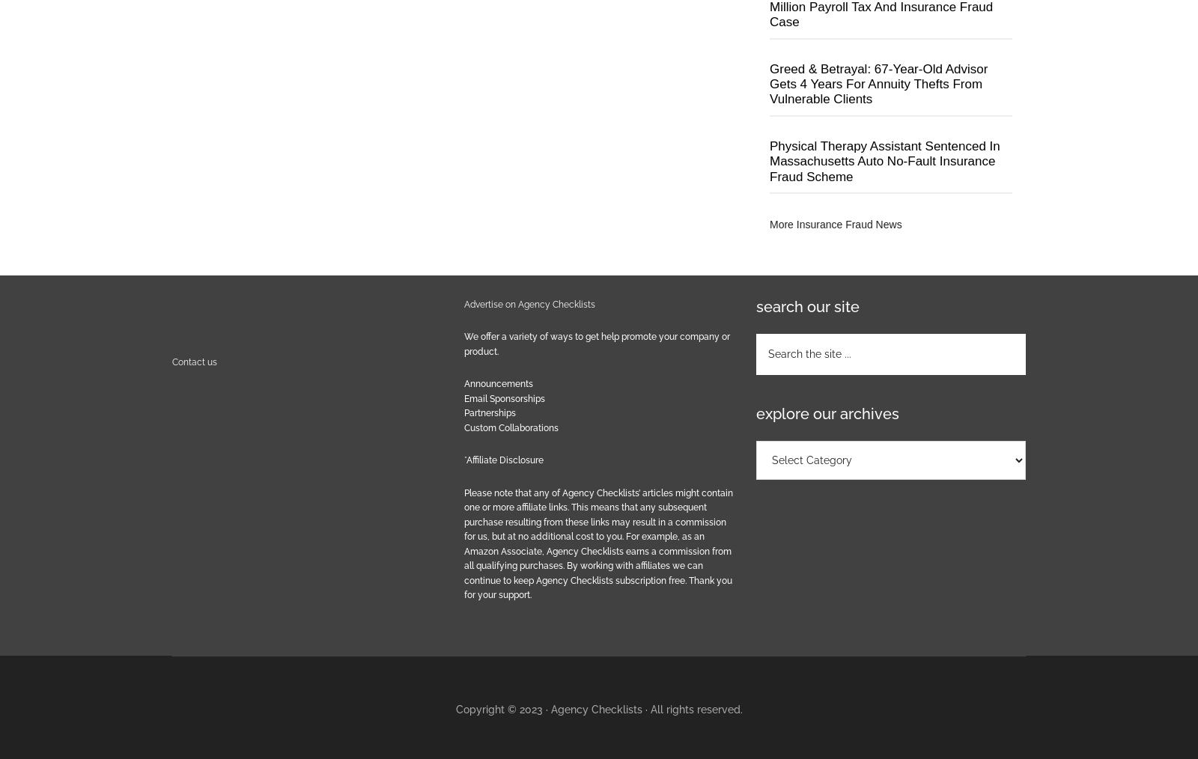 This screenshot has width=1198, height=759. What do you see at coordinates (597, 344) in the screenshot?
I see `'We offer a variety of ways to get help promote your company or product.'` at bounding box center [597, 344].